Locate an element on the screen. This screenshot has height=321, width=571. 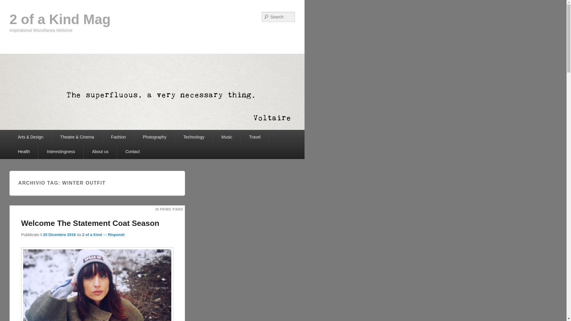
'Health' is located at coordinates (24, 151).